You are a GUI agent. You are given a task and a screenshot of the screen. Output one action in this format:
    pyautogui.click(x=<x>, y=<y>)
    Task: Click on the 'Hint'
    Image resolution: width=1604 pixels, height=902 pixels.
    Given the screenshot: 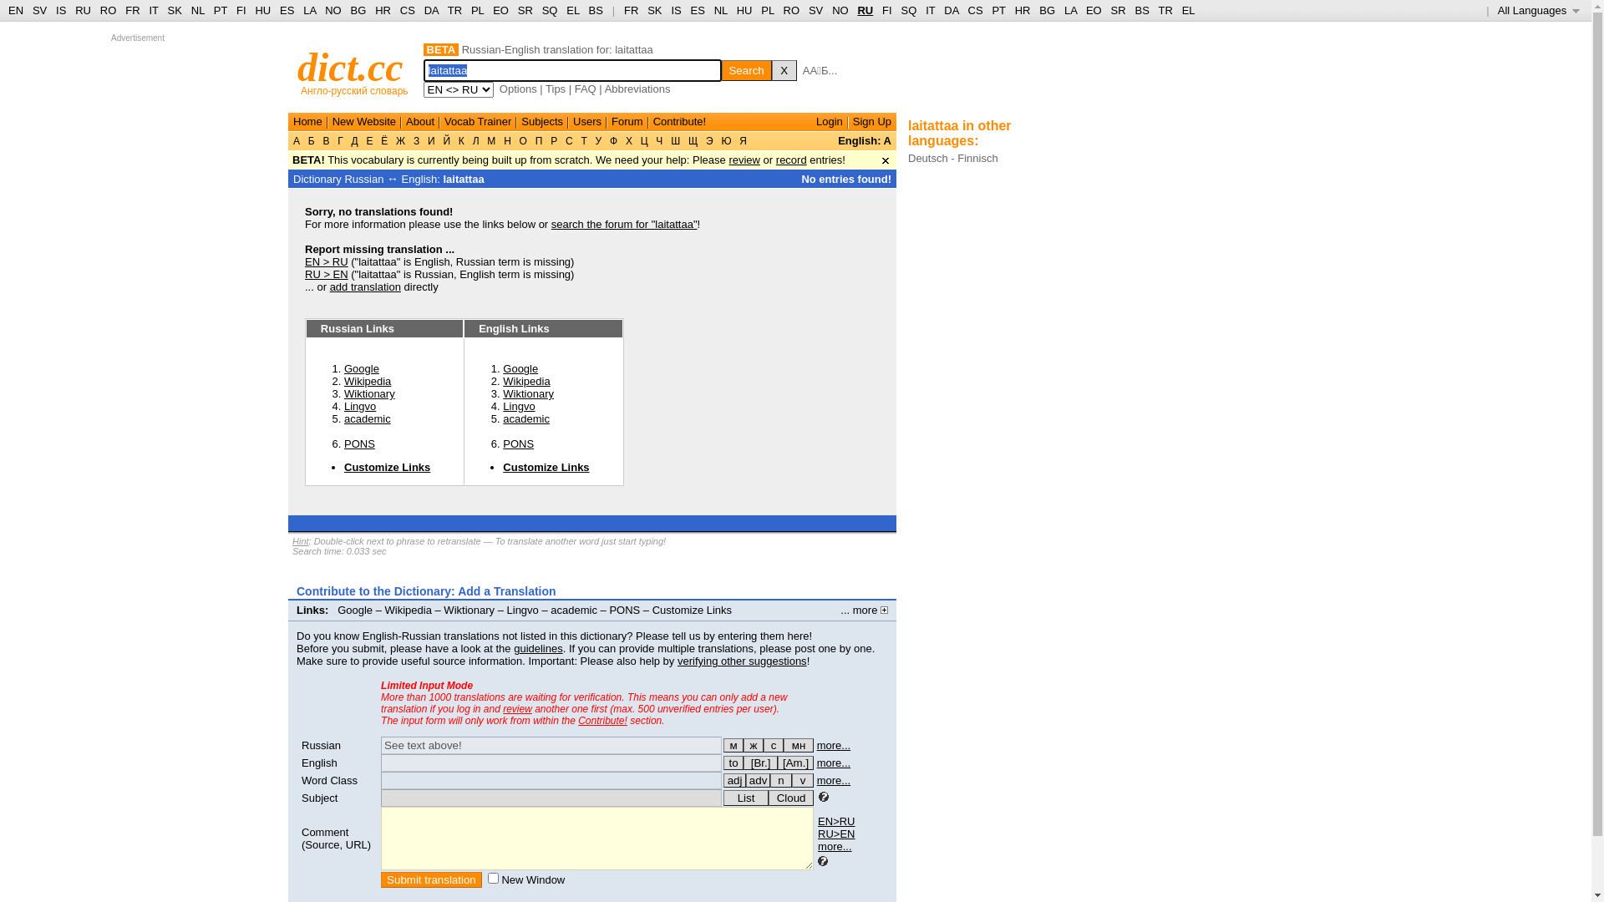 What is the action you would take?
    pyautogui.click(x=301, y=541)
    